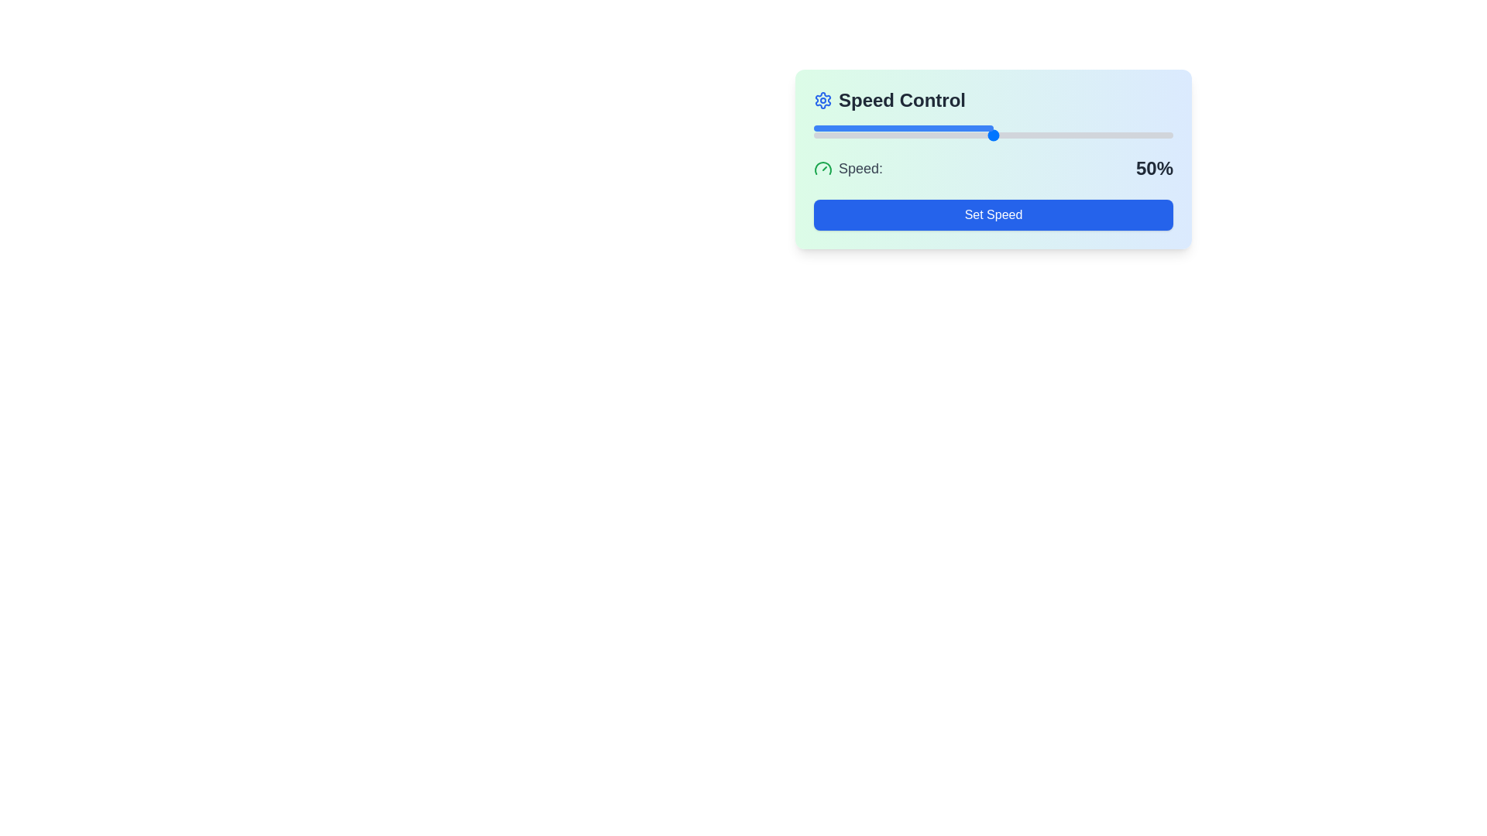  I want to click on the slider, so click(853, 134).